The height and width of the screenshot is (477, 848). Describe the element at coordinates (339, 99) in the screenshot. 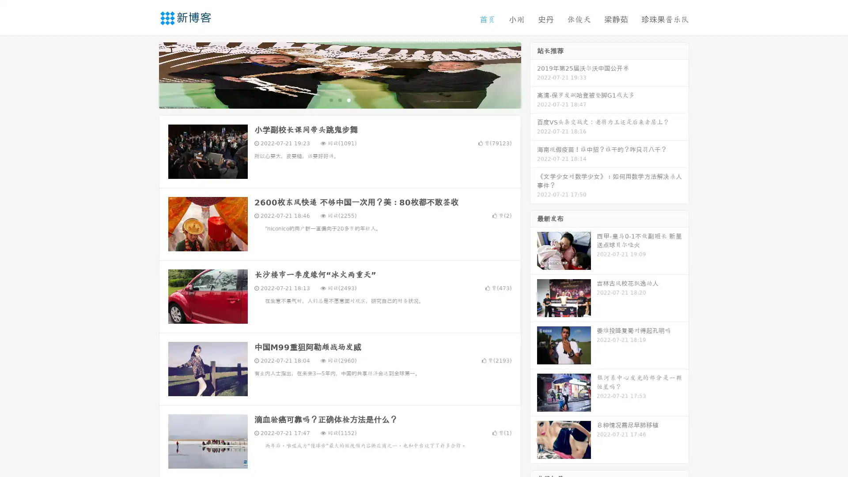

I see `Go to slide 2` at that location.